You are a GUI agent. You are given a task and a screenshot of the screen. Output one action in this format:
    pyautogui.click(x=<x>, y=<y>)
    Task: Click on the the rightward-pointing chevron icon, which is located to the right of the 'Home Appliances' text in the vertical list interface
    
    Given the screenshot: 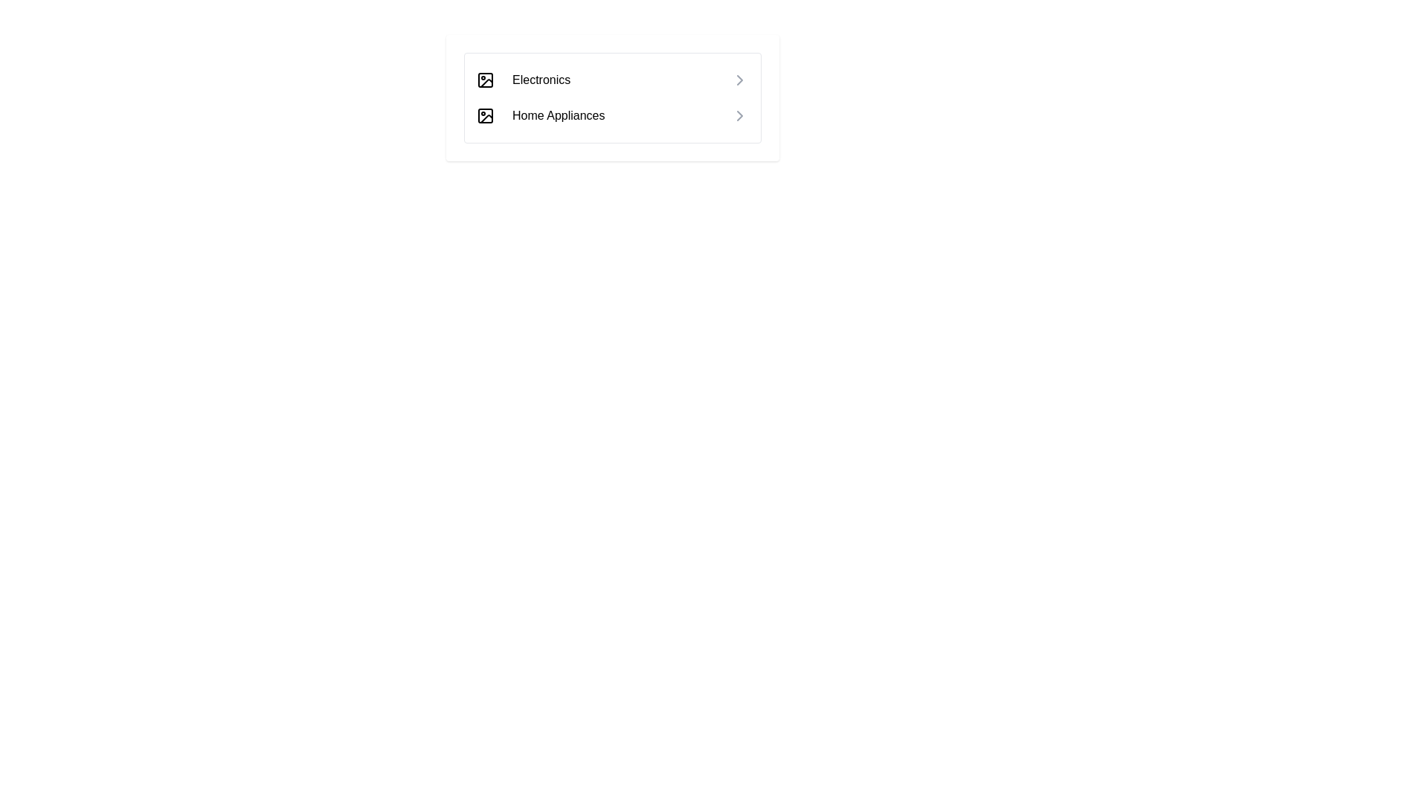 What is the action you would take?
    pyautogui.click(x=739, y=115)
    